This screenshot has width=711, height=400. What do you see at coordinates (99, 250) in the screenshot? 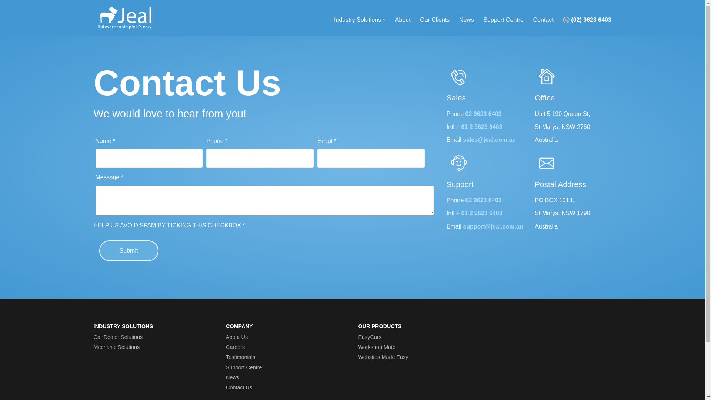
I see `'Submit'` at bounding box center [99, 250].